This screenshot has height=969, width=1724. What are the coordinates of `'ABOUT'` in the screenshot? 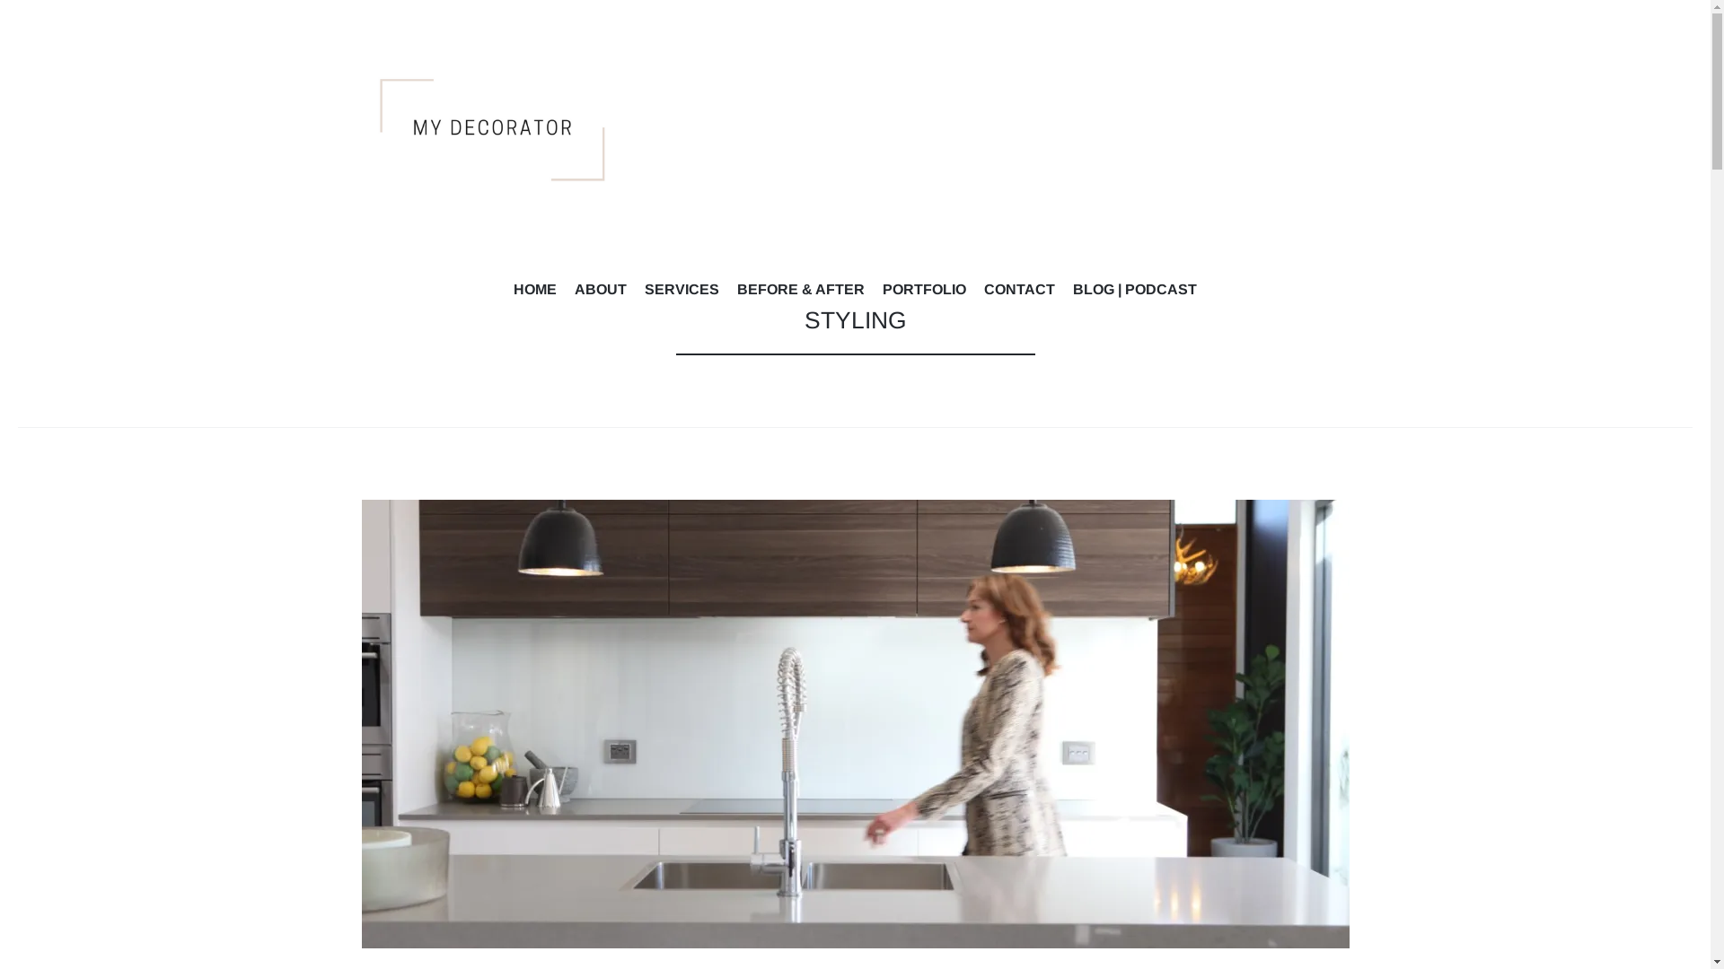 It's located at (600, 292).